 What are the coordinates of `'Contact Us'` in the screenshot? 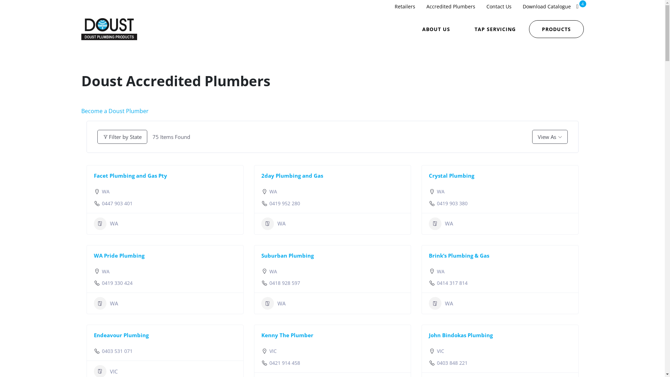 It's located at (499, 6).